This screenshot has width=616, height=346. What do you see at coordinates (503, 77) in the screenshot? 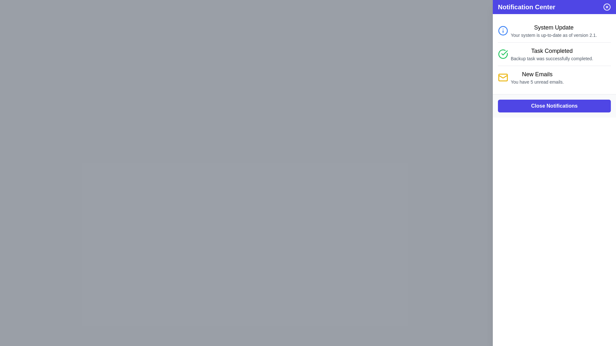
I see `the envelope icon in the Notification Center that indicates 'New Emails' notifications` at bounding box center [503, 77].